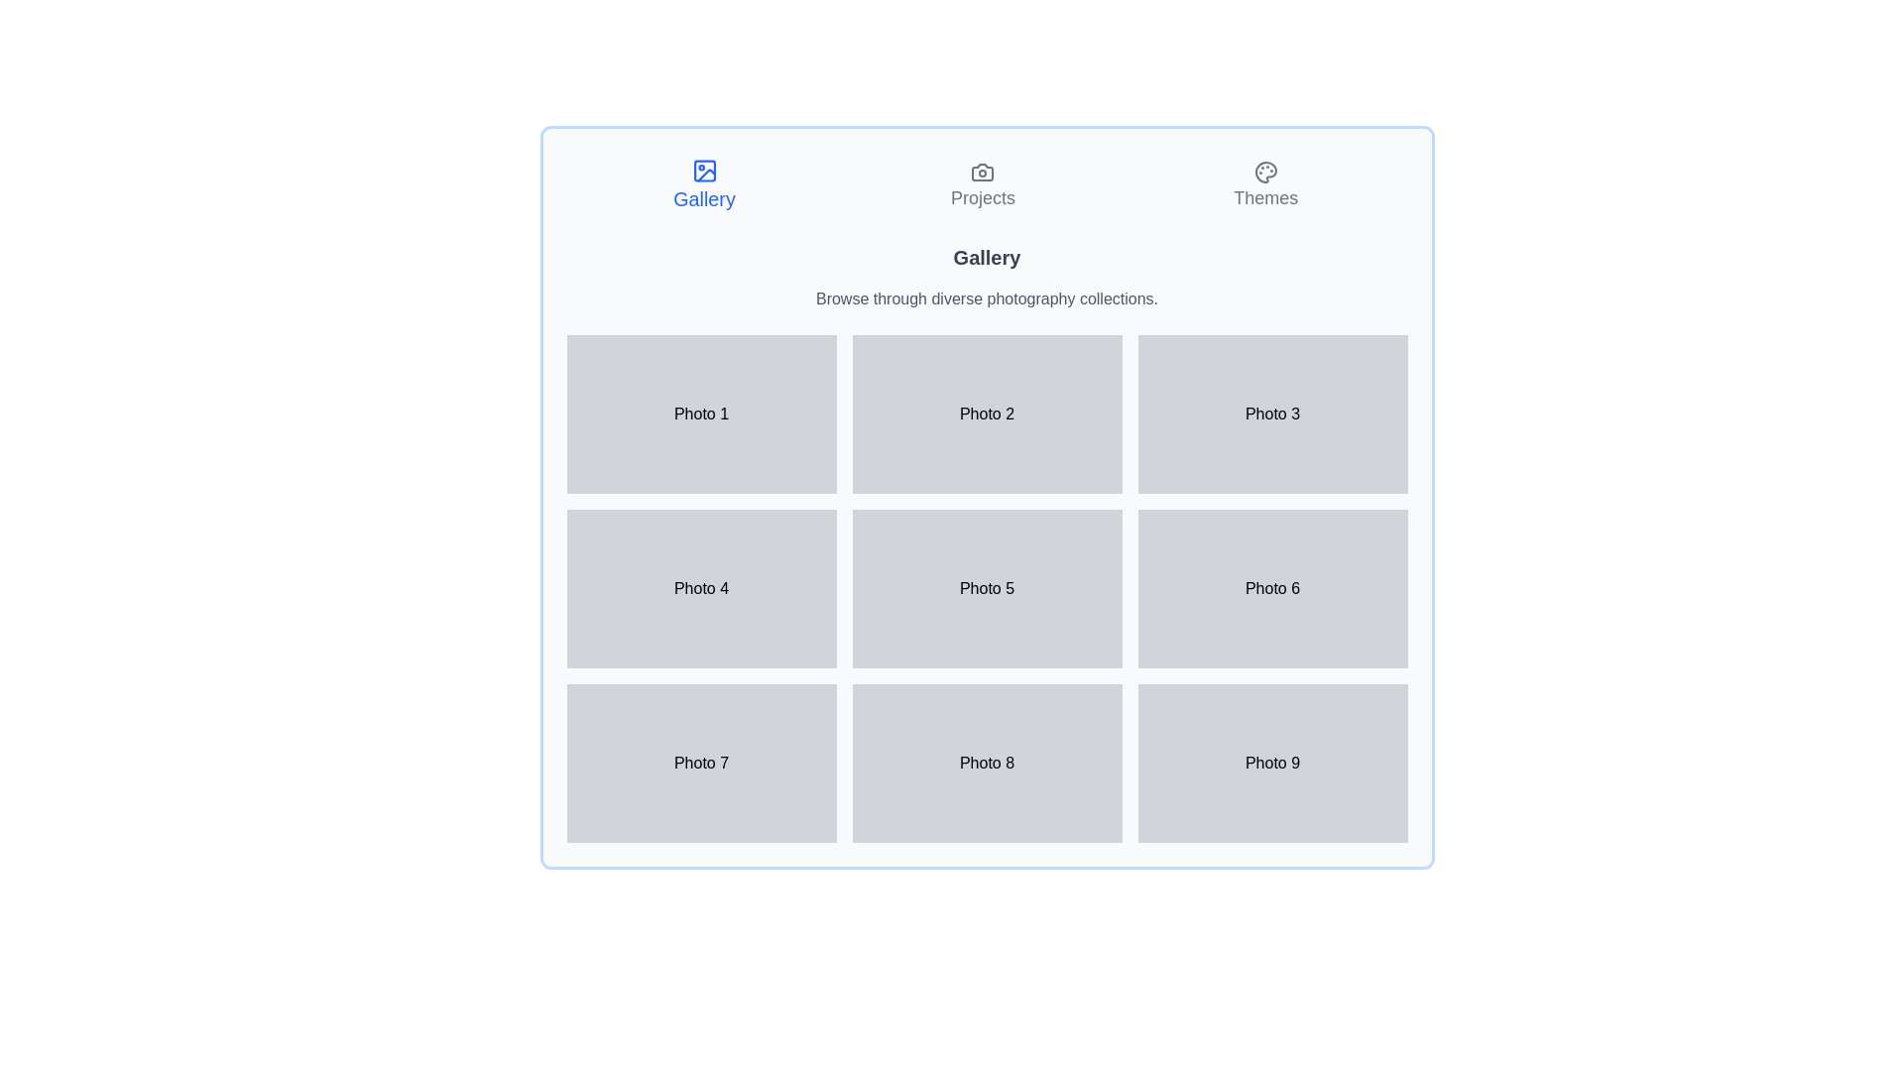  I want to click on the 'Gallery' text displayed in a bold blue font within a button structure in the horizontal navigation bar, so click(704, 199).